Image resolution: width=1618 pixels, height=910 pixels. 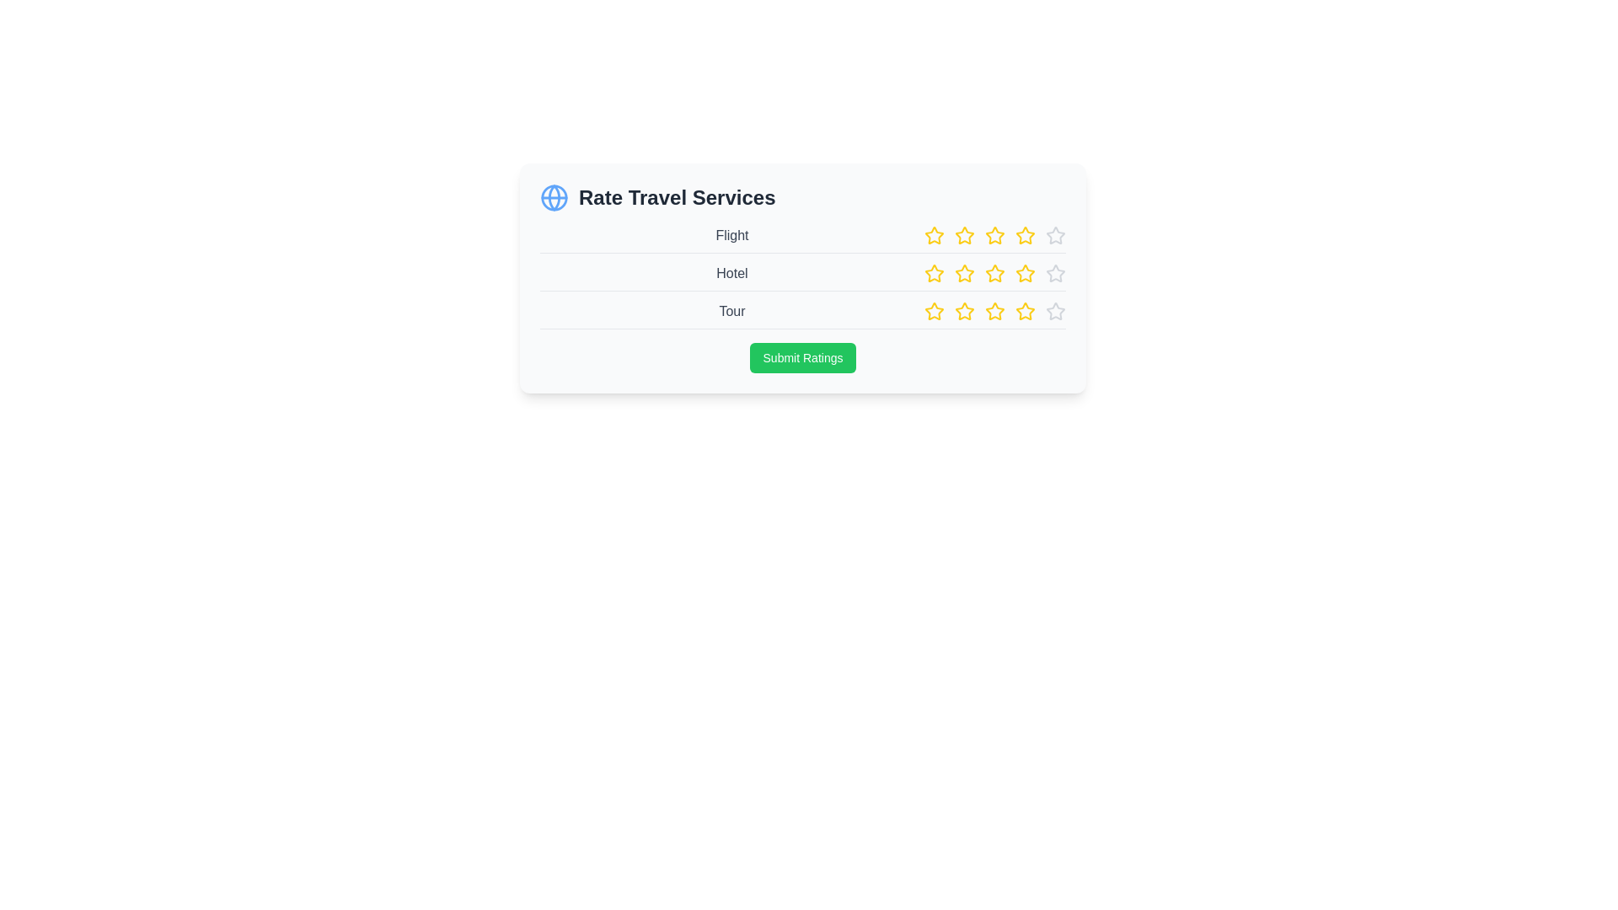 I want to click on the second star-shaped icon in the hotel rating system, so click(x=933, y=272).